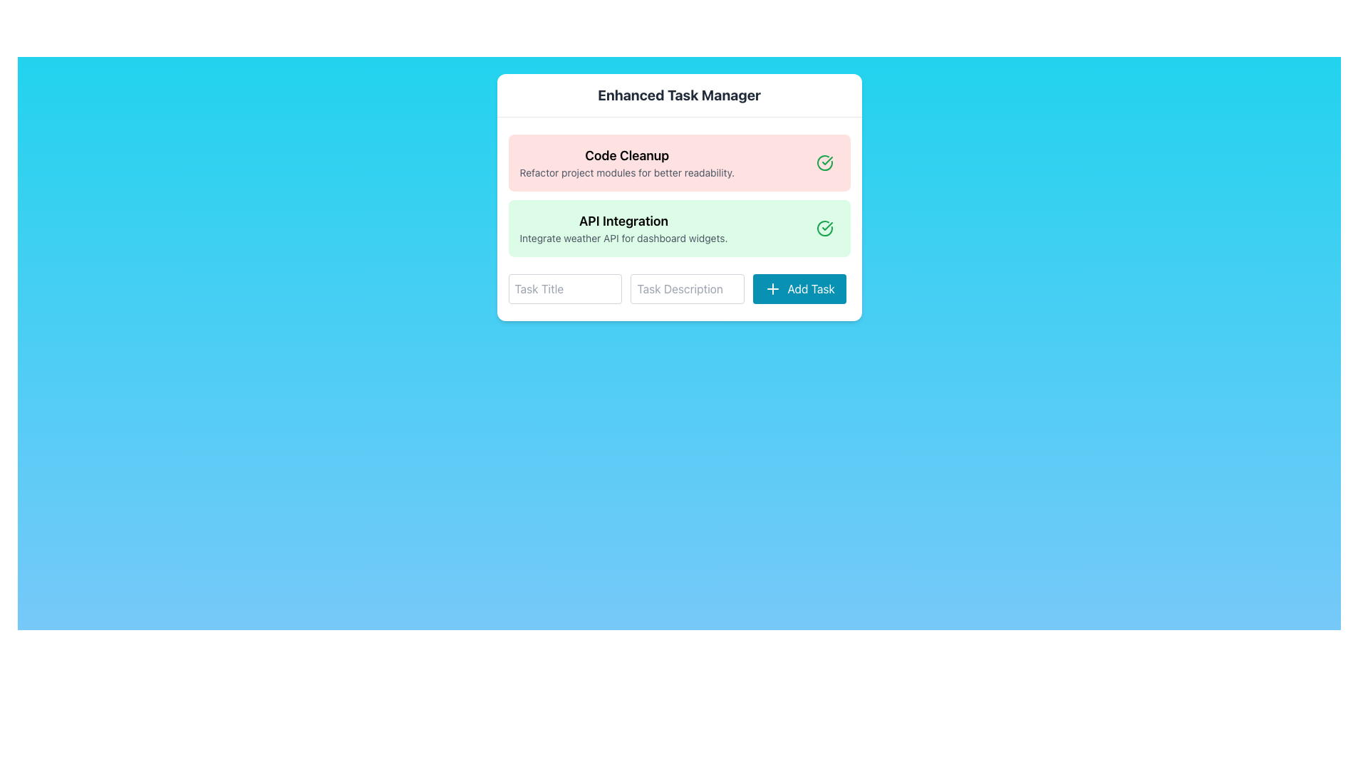  Describe the element at coordinates (824, 227) in the screenshot. I see `the circular icon with a green outline and a checkmark symbol inside, located in the 'API Integration' task card on the far right side of the second row of the task list` at that location.